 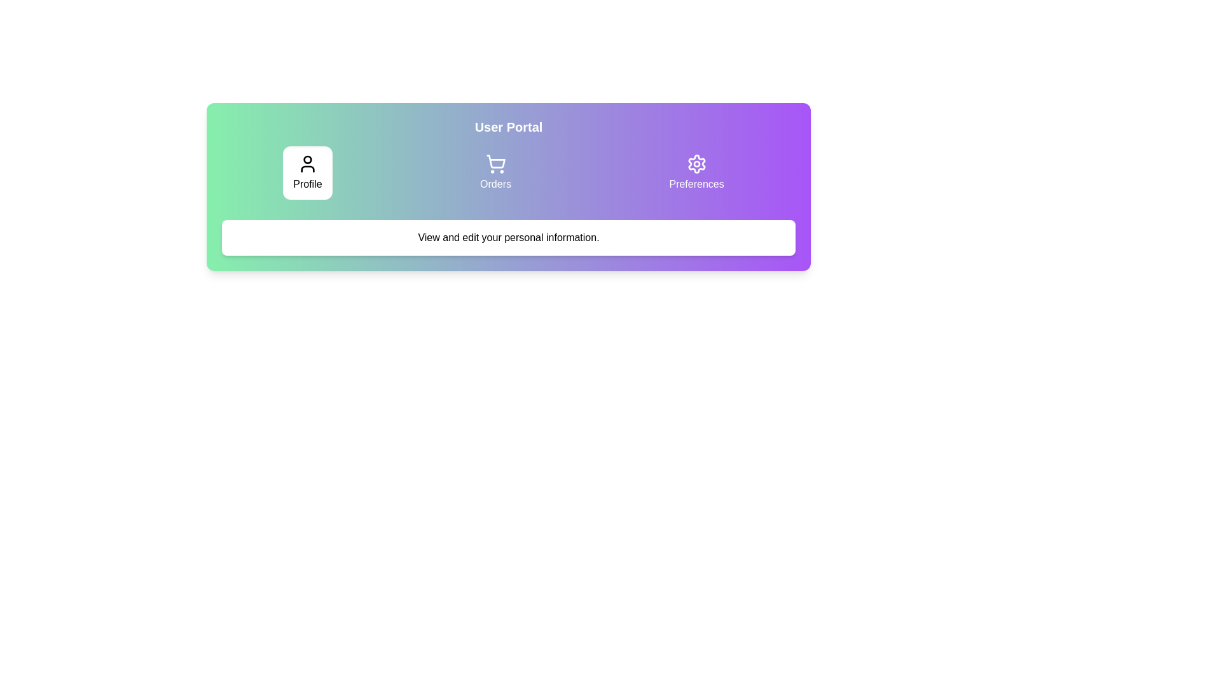 I want to click on the Preferences tab to preview its hover state, so click(x=696, y=173).